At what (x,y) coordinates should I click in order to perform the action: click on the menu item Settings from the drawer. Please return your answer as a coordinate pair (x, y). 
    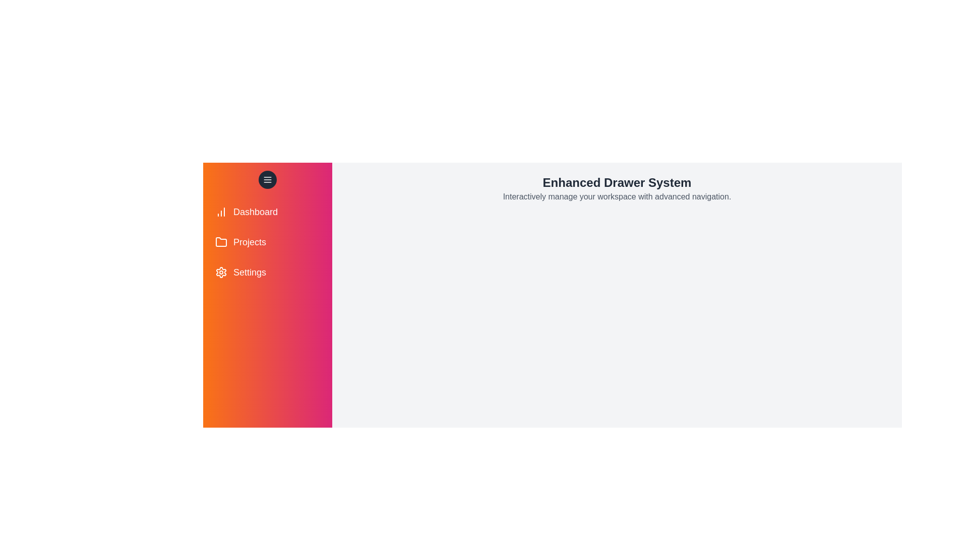
    Looking at the image, I should click on (268, 272).